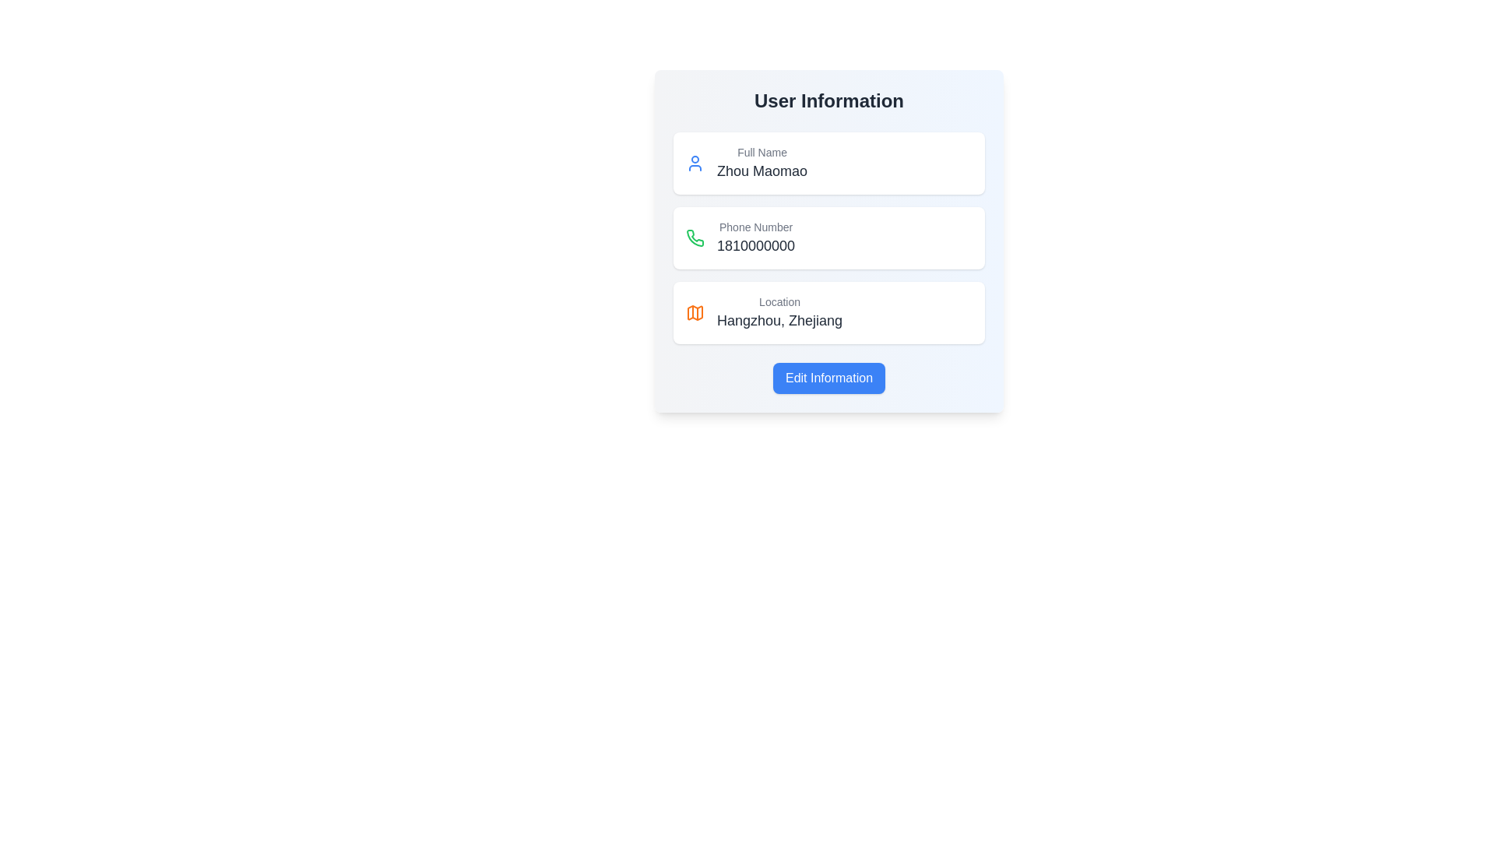 The image size is (1495, 841). Describe the element at coordinates (694, 312) in the screenshot. I see `the orange map icon located to the left of the text 'Location' and 'Hangzhou, Zhejiang' in the 'Location' section` at that location.